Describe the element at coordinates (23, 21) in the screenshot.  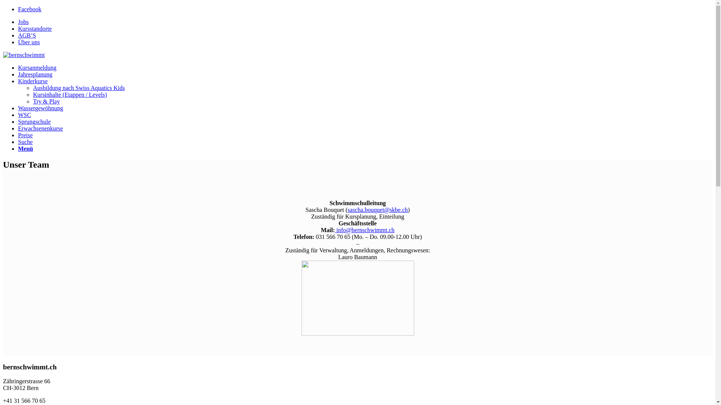
I see `'Jobs'` at that location.